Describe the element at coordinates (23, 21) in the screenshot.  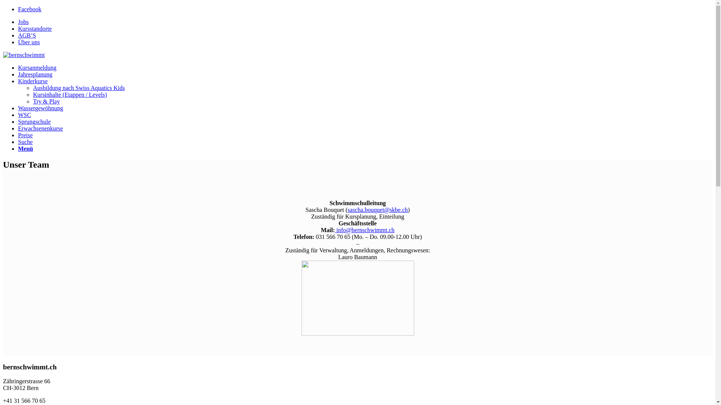
I see `'Jobs'` at that location.